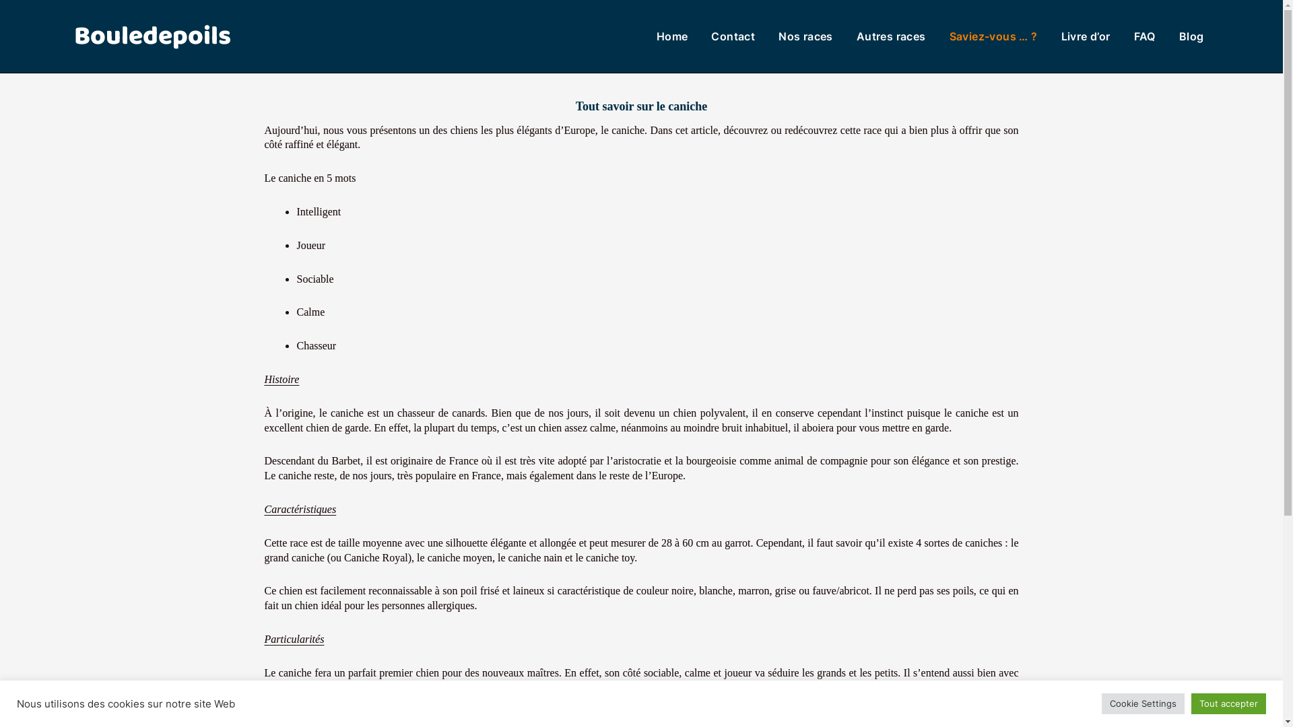 The width and height of the screenshot is (1293, 727). Describe the element at coordinates (1143, 36) in the screenshot. I see `'FAQ'` at that location.